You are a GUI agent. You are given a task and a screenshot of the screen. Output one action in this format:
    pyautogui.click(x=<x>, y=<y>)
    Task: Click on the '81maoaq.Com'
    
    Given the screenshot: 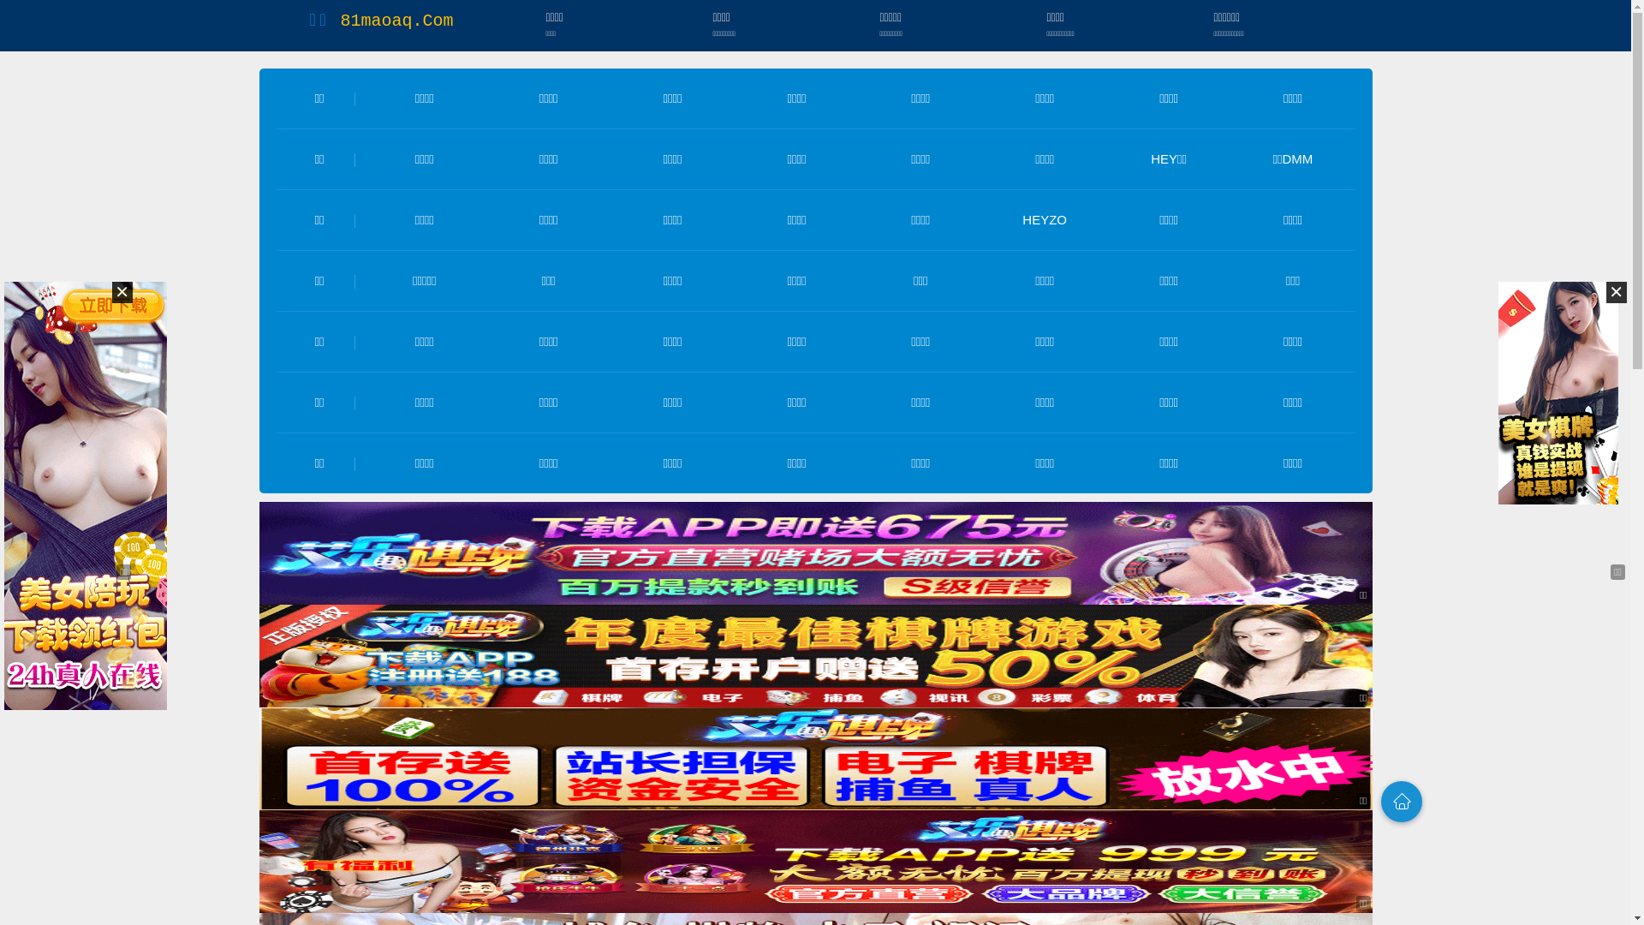 What is the action you would take?
    pyautogui.click(x=395, y=21)
    